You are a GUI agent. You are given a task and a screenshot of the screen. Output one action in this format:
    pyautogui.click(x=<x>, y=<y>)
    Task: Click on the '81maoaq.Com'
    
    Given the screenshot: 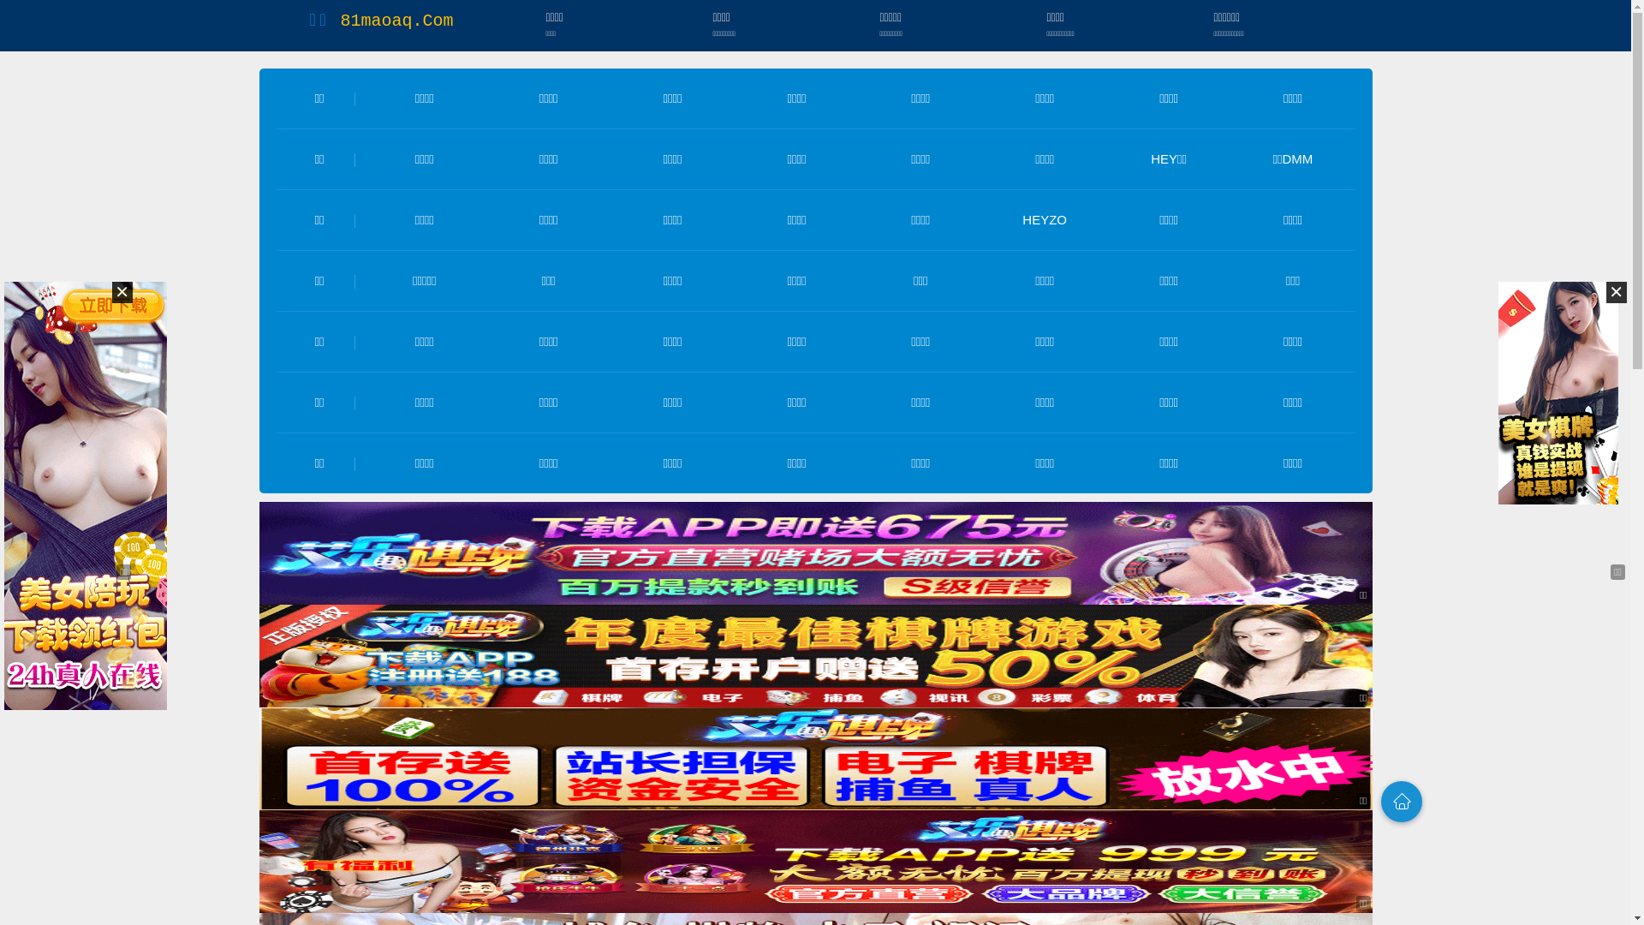 What is the action you would take?
    pyautogui.click(x=395, y=21)
    